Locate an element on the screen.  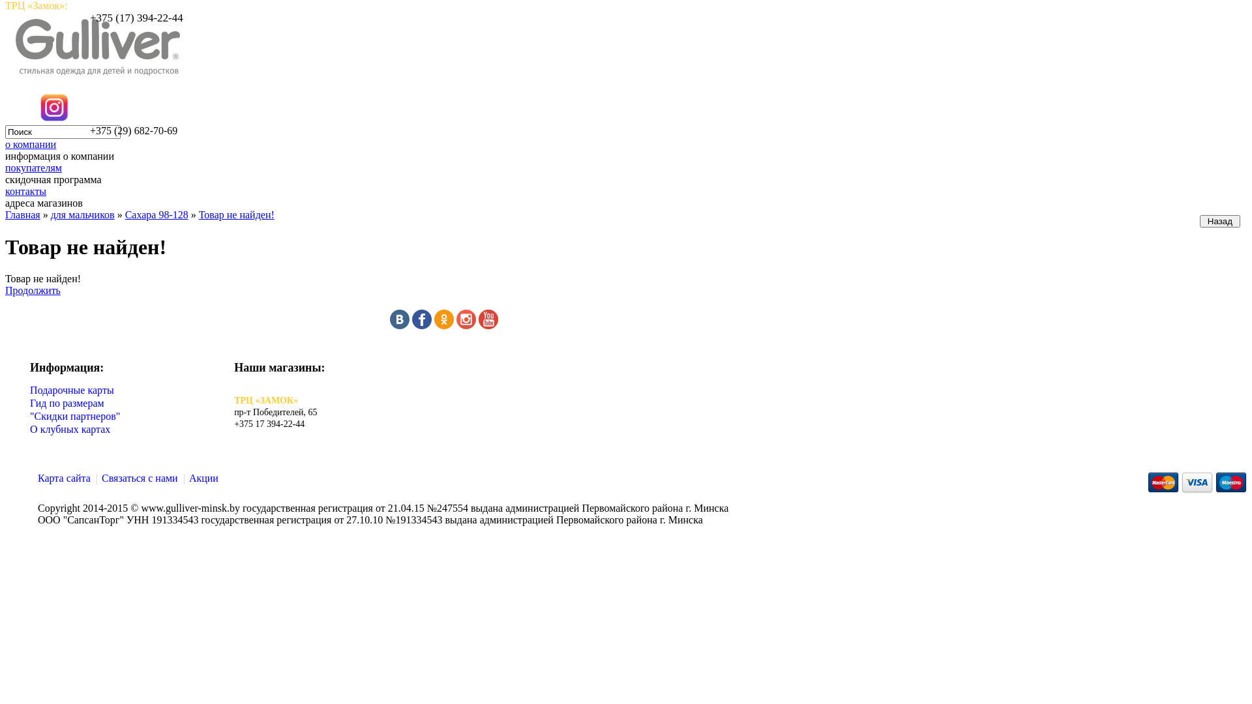
'youtube' is located at coordinates (487, 325).